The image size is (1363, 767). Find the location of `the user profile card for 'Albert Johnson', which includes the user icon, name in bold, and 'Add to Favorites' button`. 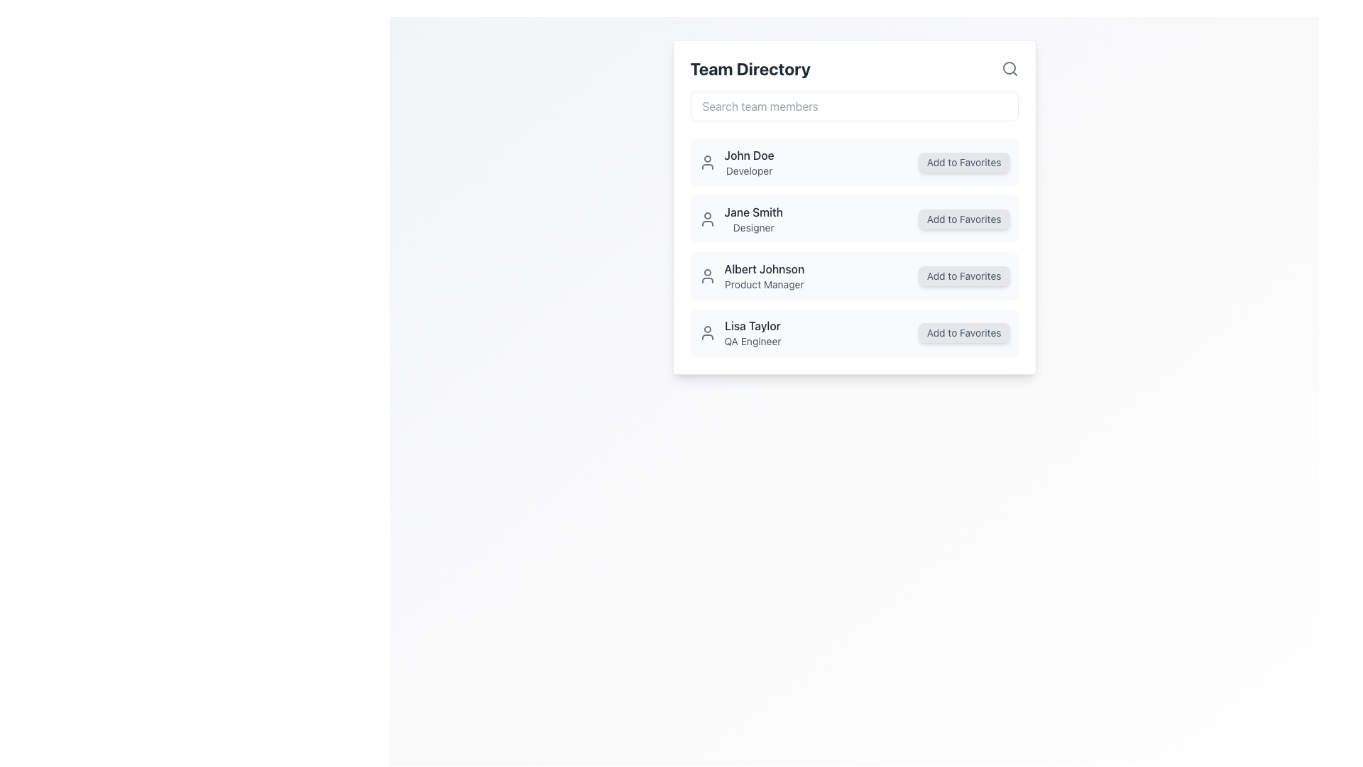

the user profile card for 'Albert Johnson', which includes the user icon, name in bold, and 'Add to Favorites' button is located at coordinates (853, 276).